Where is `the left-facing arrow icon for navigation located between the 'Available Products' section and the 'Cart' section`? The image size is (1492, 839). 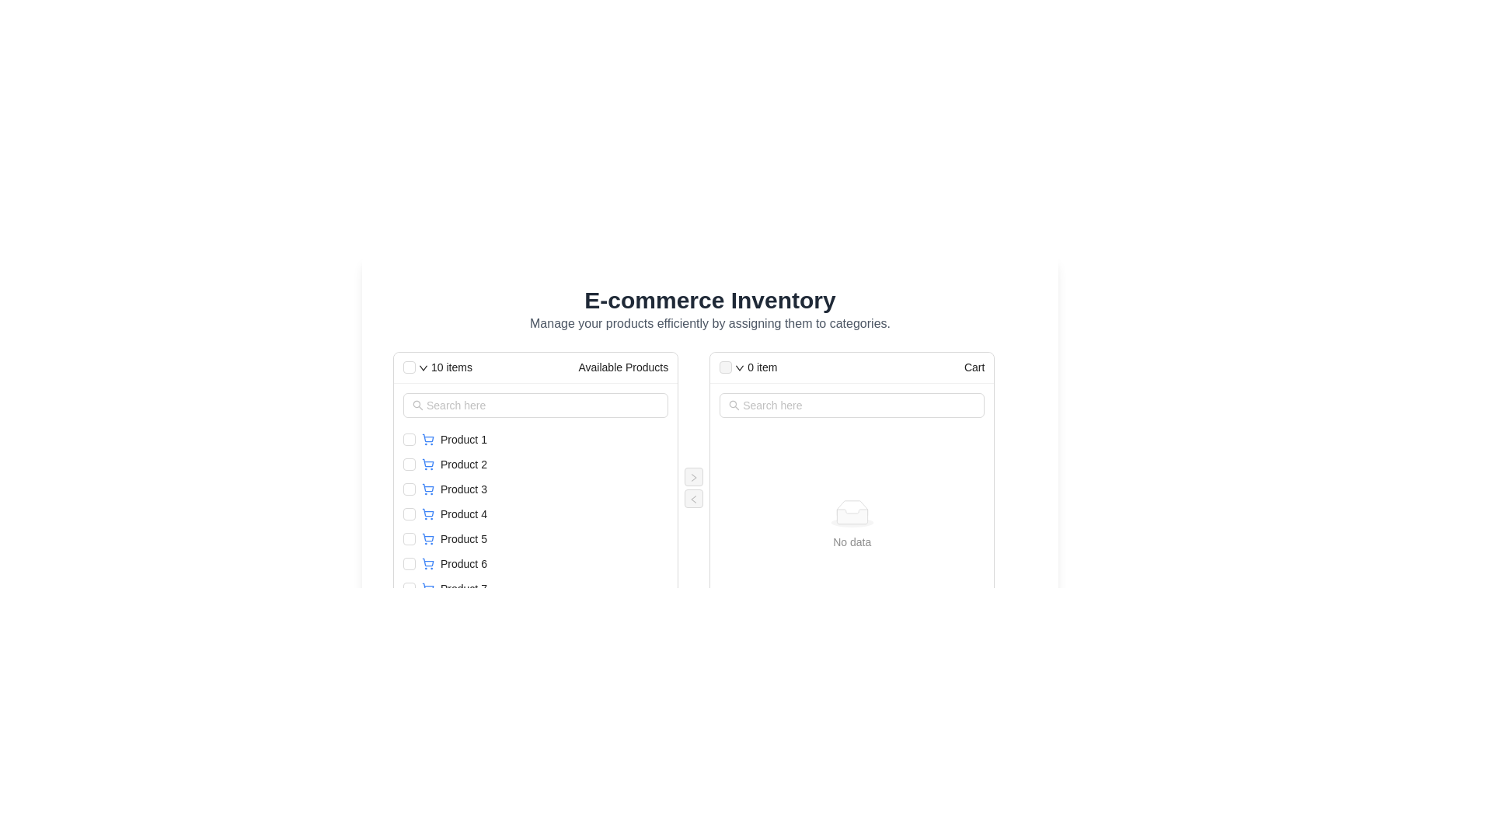
the left-facing arrow icon for navigation located between the 'Available Products' section and the 'Cart' section is located at coordinates (693, 499).